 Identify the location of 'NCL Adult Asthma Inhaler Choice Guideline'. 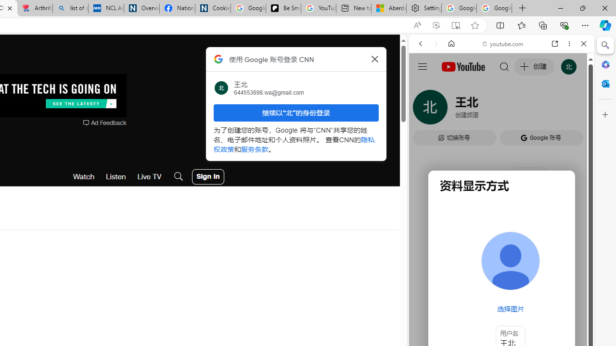
(106, 8).